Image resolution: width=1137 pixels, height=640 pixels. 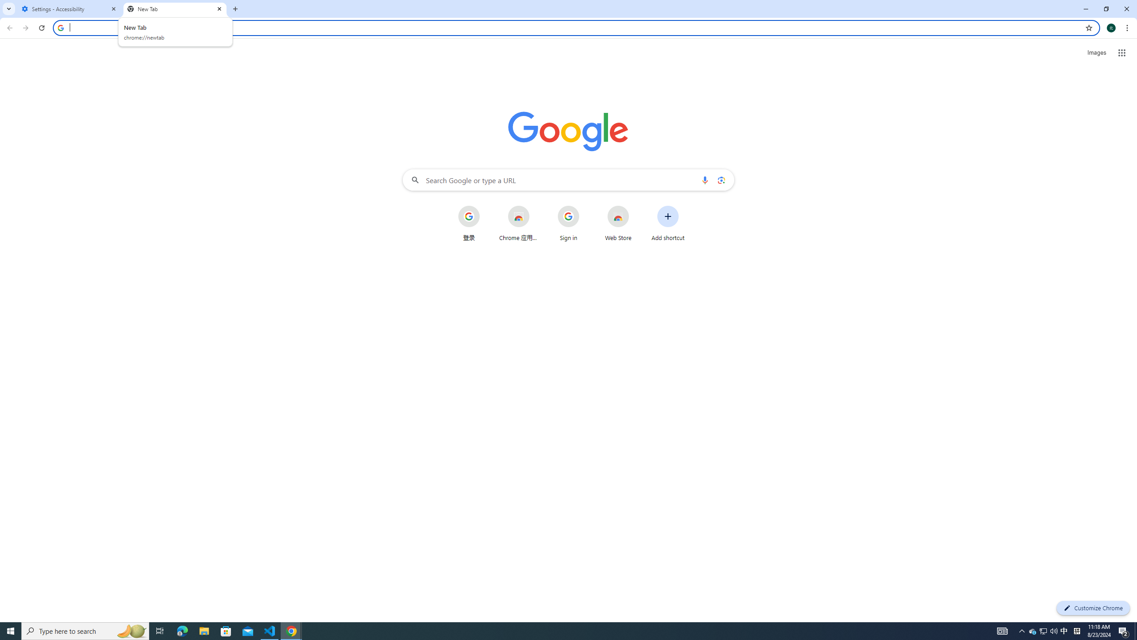 I want to click on 'More actions for Sign in shortcut', so click(x=585, y=206).